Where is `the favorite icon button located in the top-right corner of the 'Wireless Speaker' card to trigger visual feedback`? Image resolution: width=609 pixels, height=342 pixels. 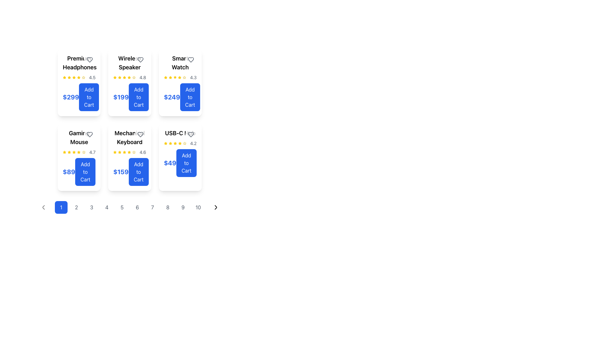 the favorite icon button located in the top-right corner of the 'Wireless Speaker' card to trigger visual feedback is located at coordinates (140, 60).